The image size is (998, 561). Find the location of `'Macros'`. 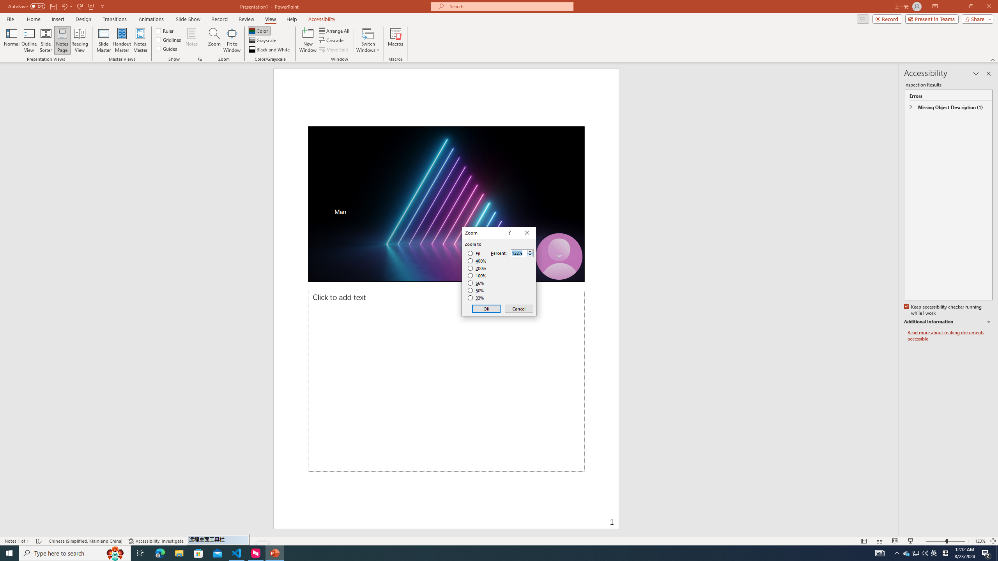

'Macros' is located at coordinates (396, 40).